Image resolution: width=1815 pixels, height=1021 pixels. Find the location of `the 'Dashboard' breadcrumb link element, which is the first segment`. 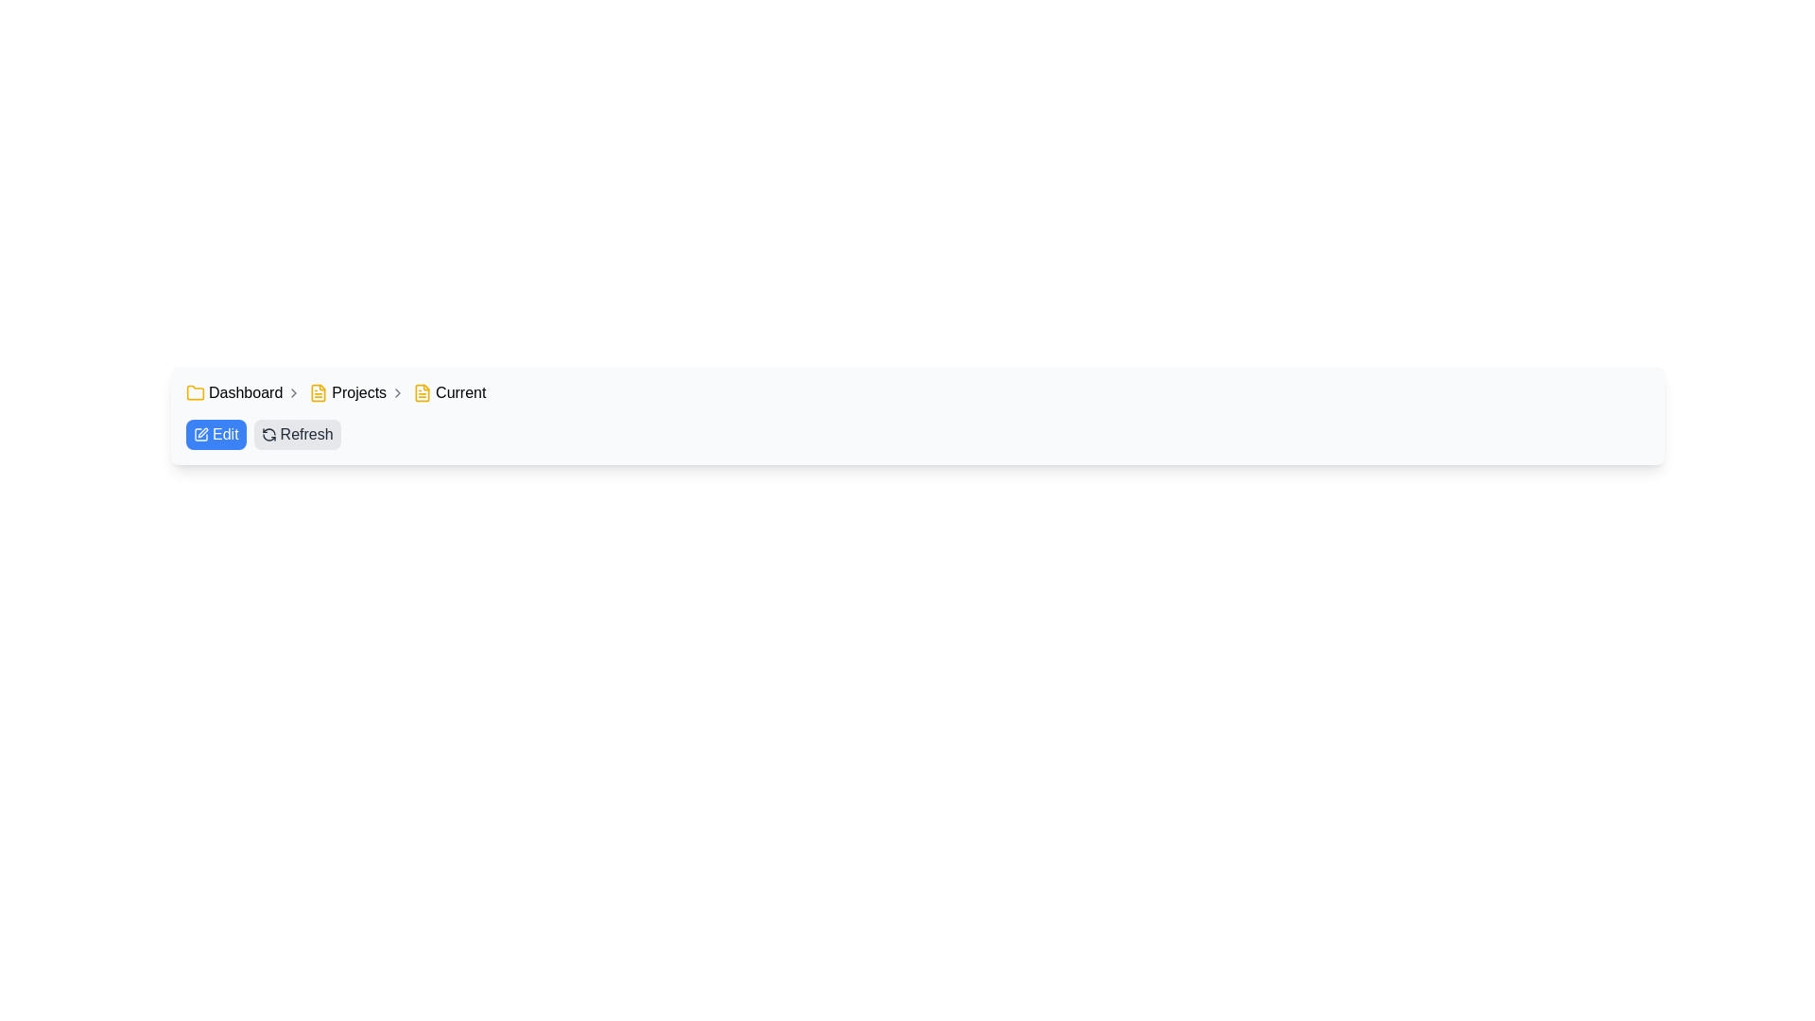

the 'Dashboard' breadcrumb link element, which is the first segment is located at coordinates (243, 392).